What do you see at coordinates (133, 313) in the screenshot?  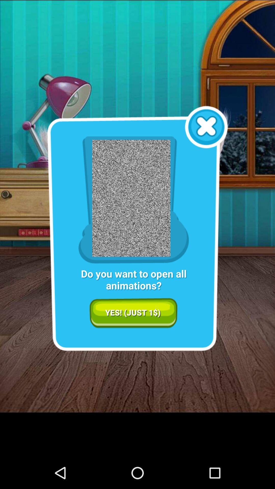 I see `the yes! (just 1$) button` at bounding box center [133, 313].